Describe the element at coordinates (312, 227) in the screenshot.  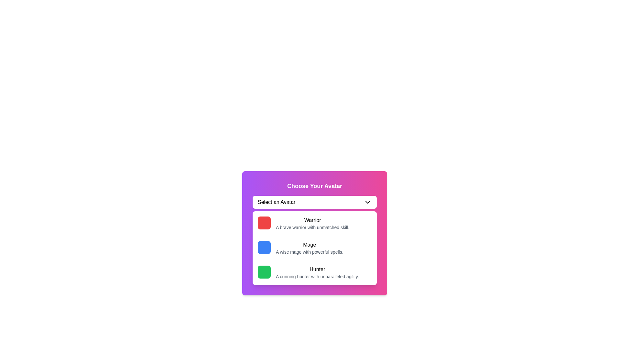
I see `descriptive text element located directly below the 'Warrior' header, which provides information about the associated avatar option` at that location.